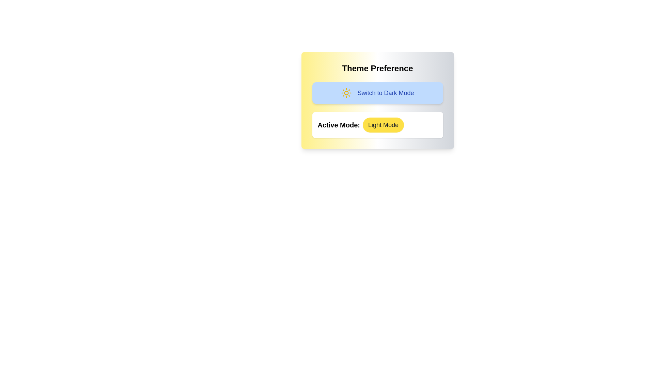  Describe the element at coordinates (377, 123) in the screenshot. I see `text from the Modal panel titled 'Theme Preference', which includes the button labeled 'Switch to Dark Mode' and the section labeled 'Active Mode:' with 'Light Mode'` at that location.